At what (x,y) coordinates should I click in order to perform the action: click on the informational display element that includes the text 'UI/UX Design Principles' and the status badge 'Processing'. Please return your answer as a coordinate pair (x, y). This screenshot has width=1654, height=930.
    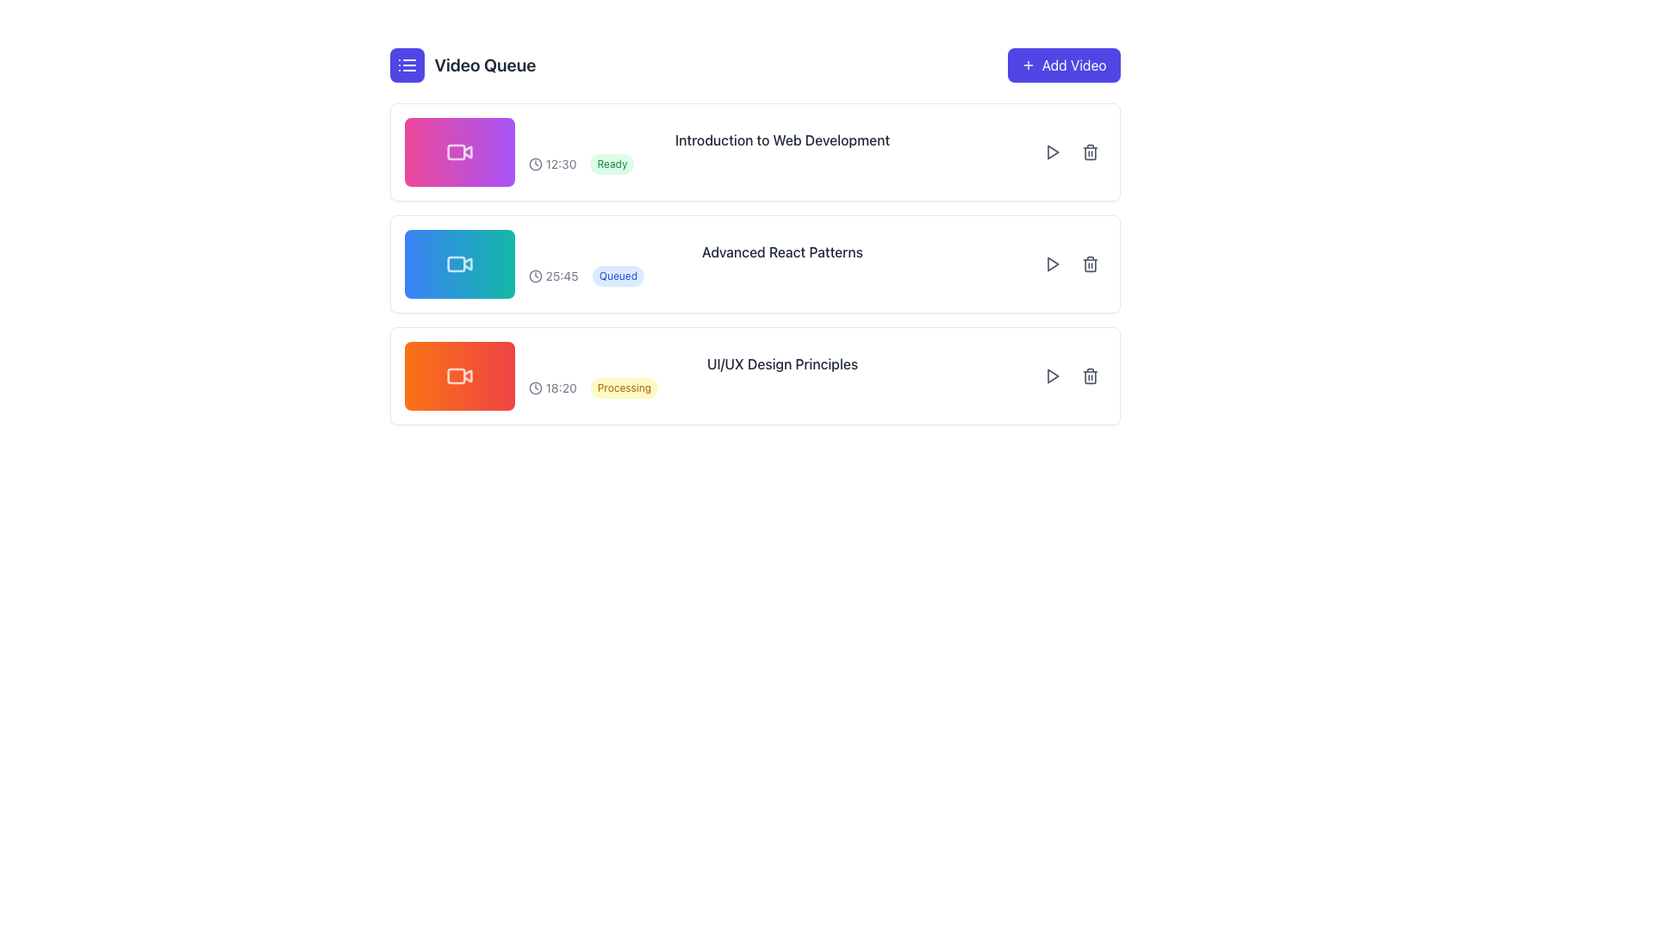
    Looking at the image, I should click on (781, 375).